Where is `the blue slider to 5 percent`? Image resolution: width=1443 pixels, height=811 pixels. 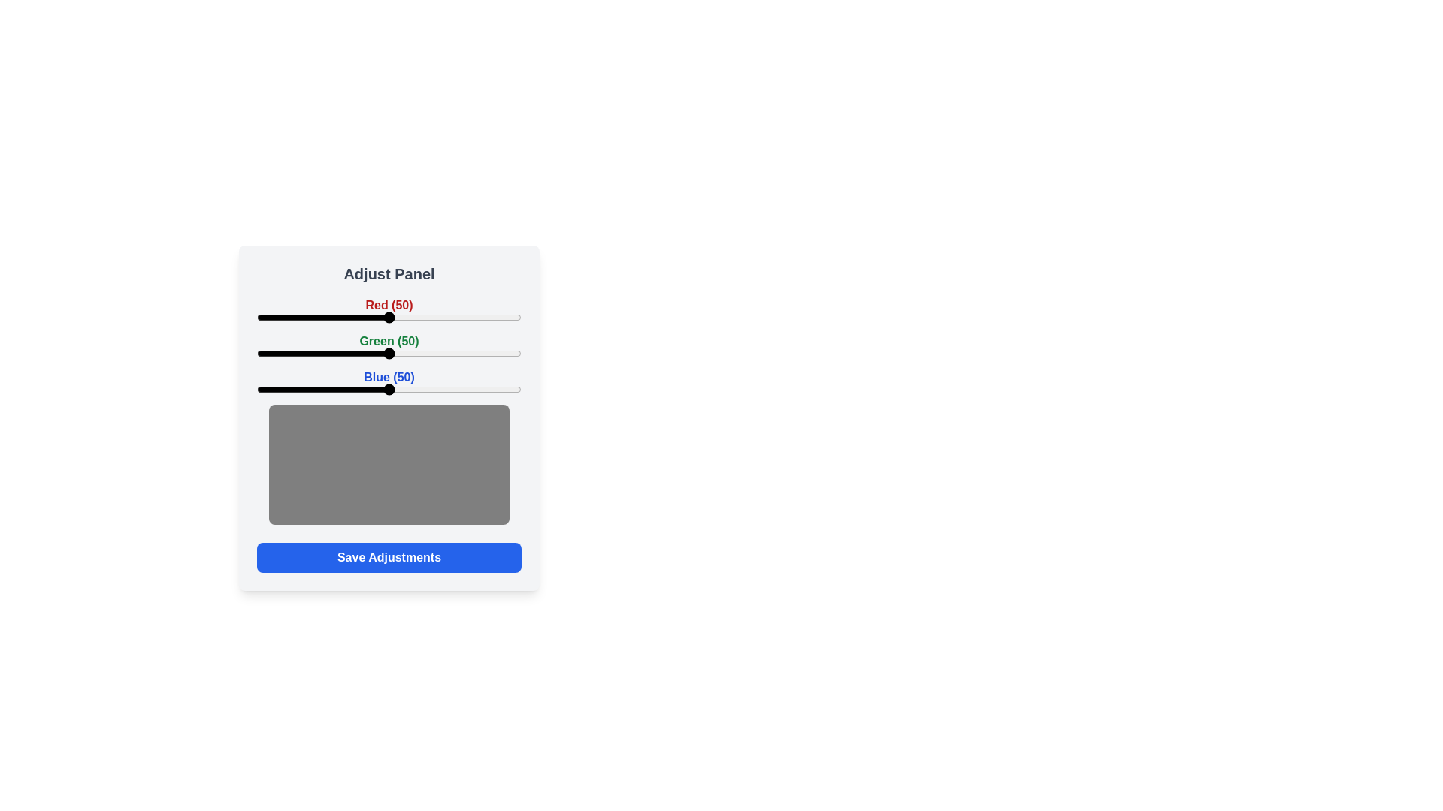 the blue slider to 5 percent is located at coordinates (270, 389).